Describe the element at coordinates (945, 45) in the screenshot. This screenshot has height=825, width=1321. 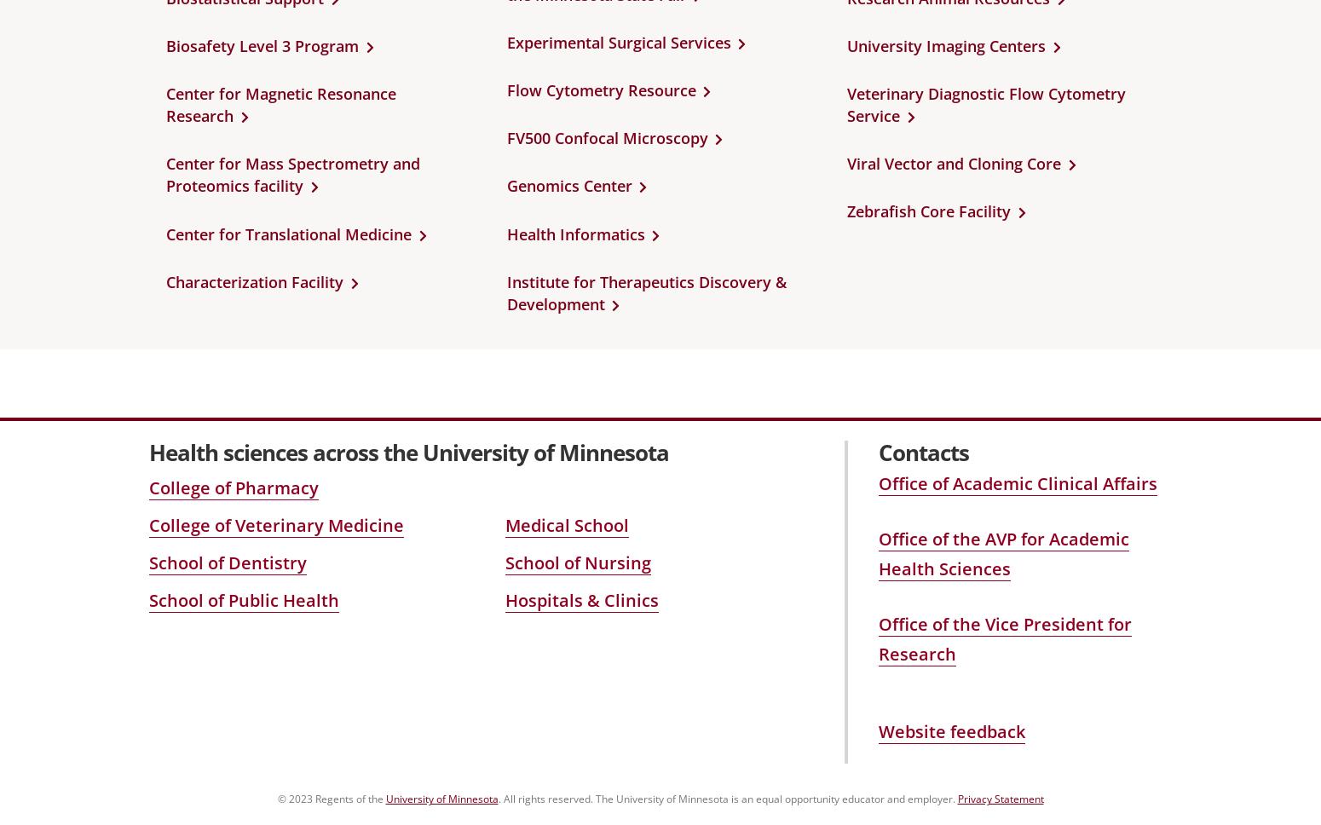
I see `'University Imaging Centers'` at that location.